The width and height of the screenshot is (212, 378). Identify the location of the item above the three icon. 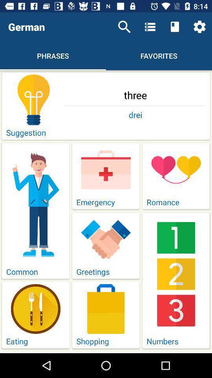
(199, 27).